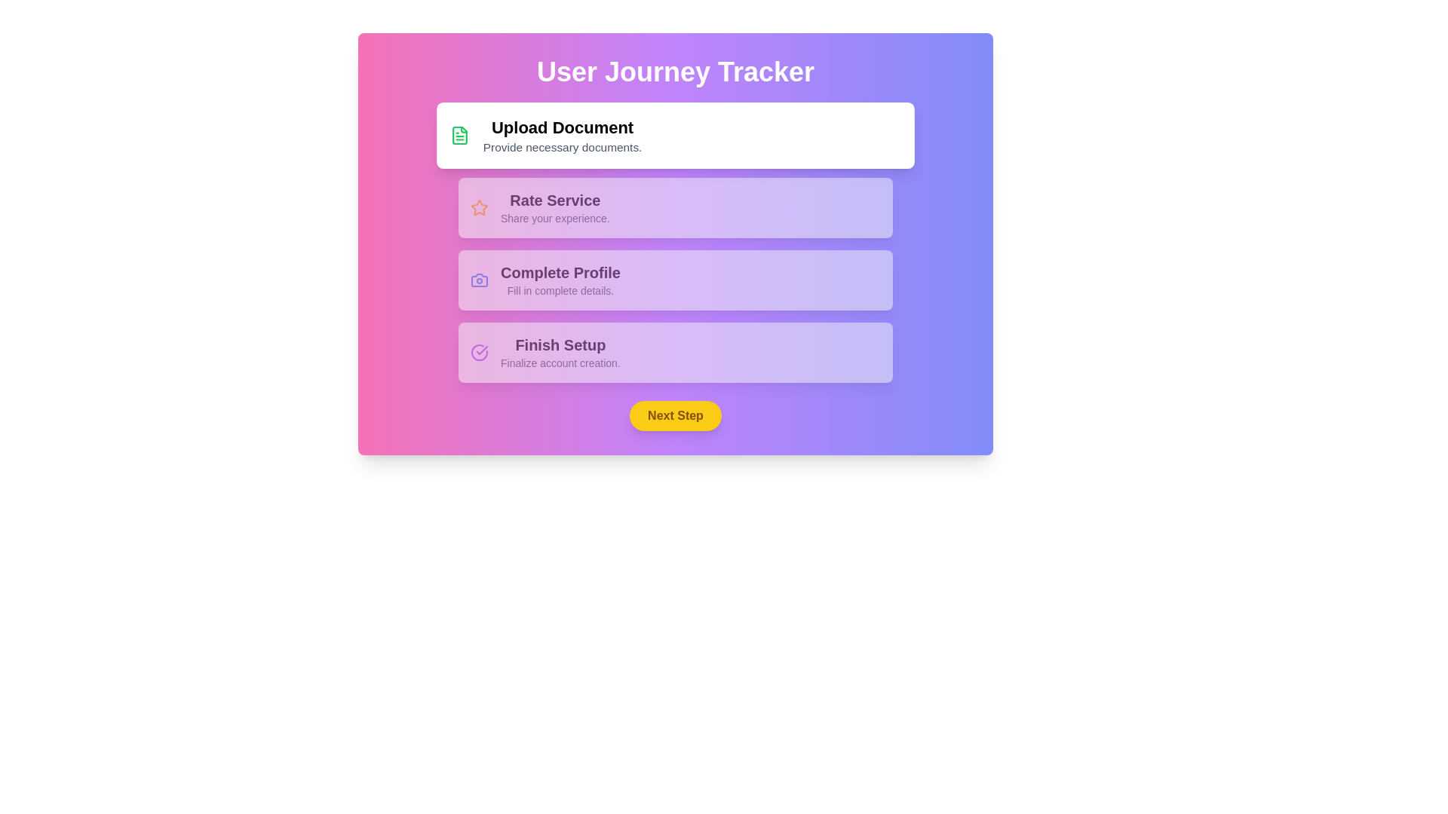  What do you see at coordinates (675, 136) in the screenshot?
I see `the first Informational Card in the vertically stacked list that guides the user to upload documents` at bounding box center [675, 136].